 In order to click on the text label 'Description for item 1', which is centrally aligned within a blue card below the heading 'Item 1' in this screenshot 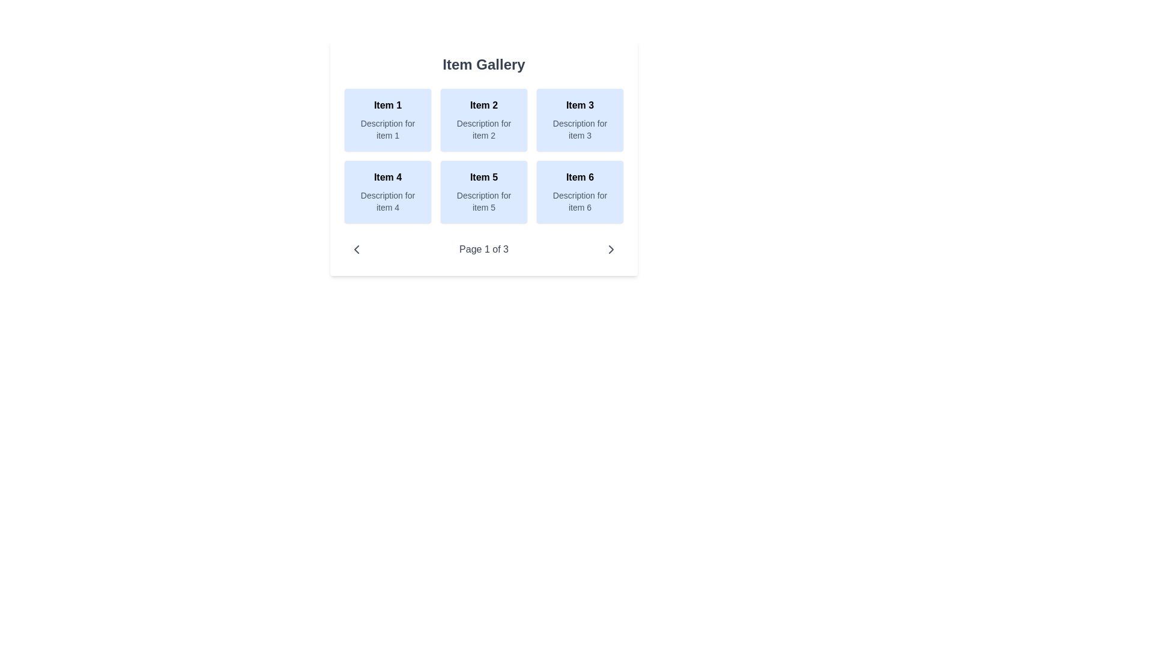, I will do `click(388, 130)`.